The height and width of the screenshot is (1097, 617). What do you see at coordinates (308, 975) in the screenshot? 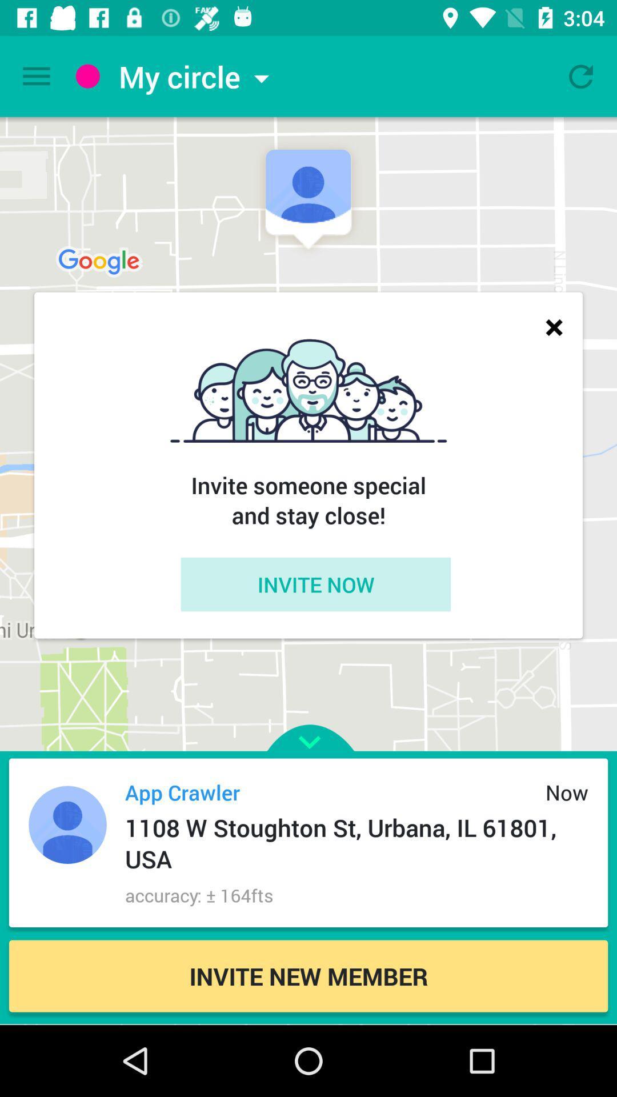
I see `the invite new member item` at bounding box center [308, 975].